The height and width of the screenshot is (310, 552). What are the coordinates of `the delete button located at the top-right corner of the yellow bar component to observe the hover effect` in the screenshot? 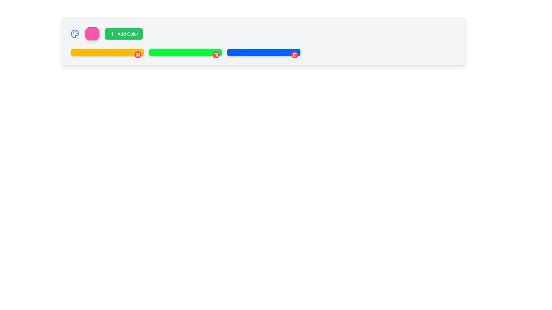 It's located at (138, 55).